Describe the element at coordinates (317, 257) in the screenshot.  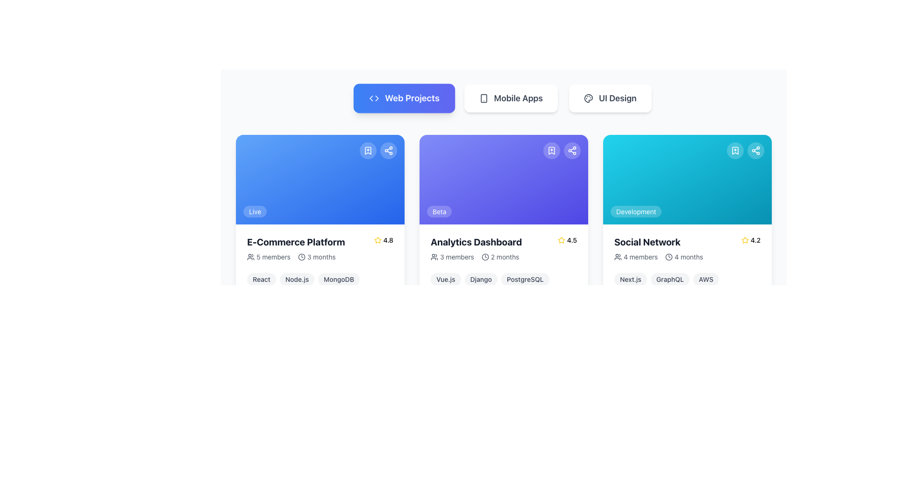
I see `text content of the Label with icon that displays '3 months', which is located in the lower-left quadrant of the 'E-Commerce Platform' card, adjacent to the '5 members' text and icon` at that location.